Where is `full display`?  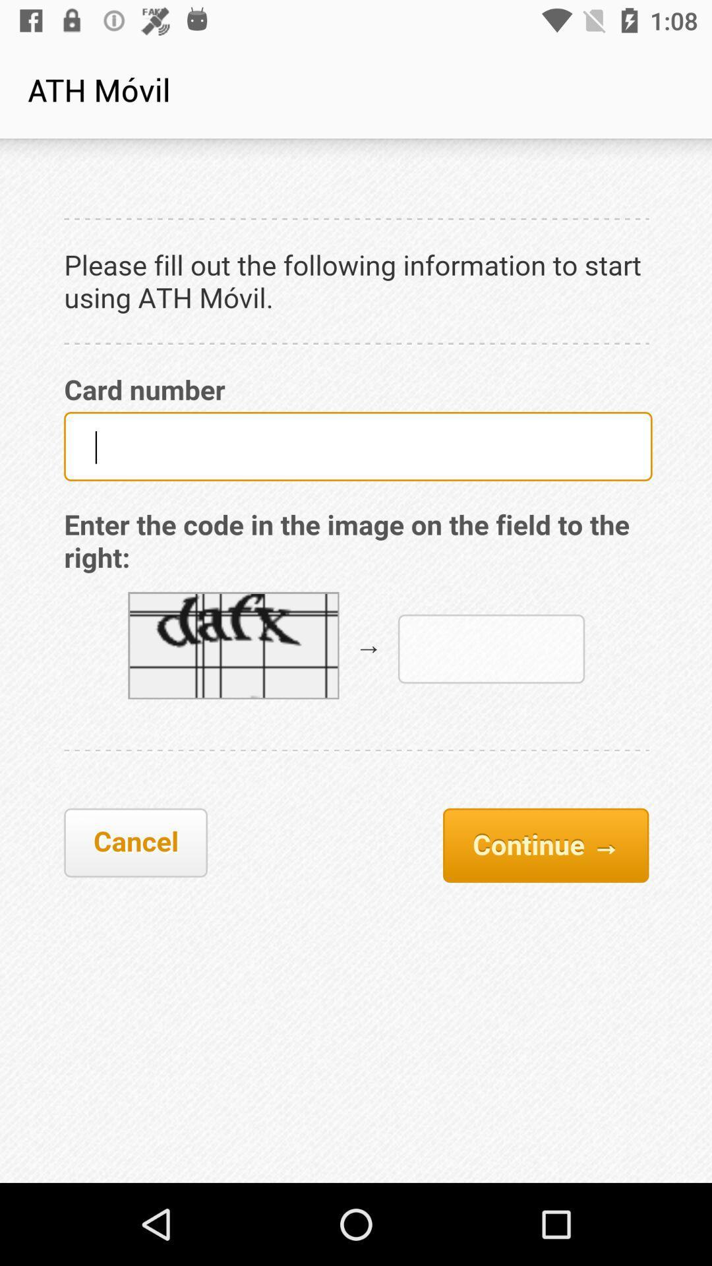 full display is located at coordinates (356, 661).